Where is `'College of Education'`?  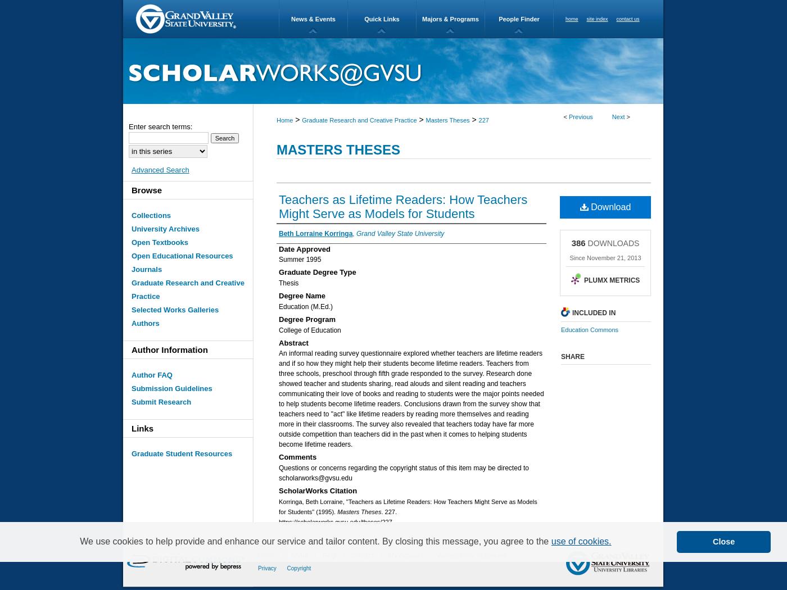 'College of Education' is located at coordinates (310, 329).